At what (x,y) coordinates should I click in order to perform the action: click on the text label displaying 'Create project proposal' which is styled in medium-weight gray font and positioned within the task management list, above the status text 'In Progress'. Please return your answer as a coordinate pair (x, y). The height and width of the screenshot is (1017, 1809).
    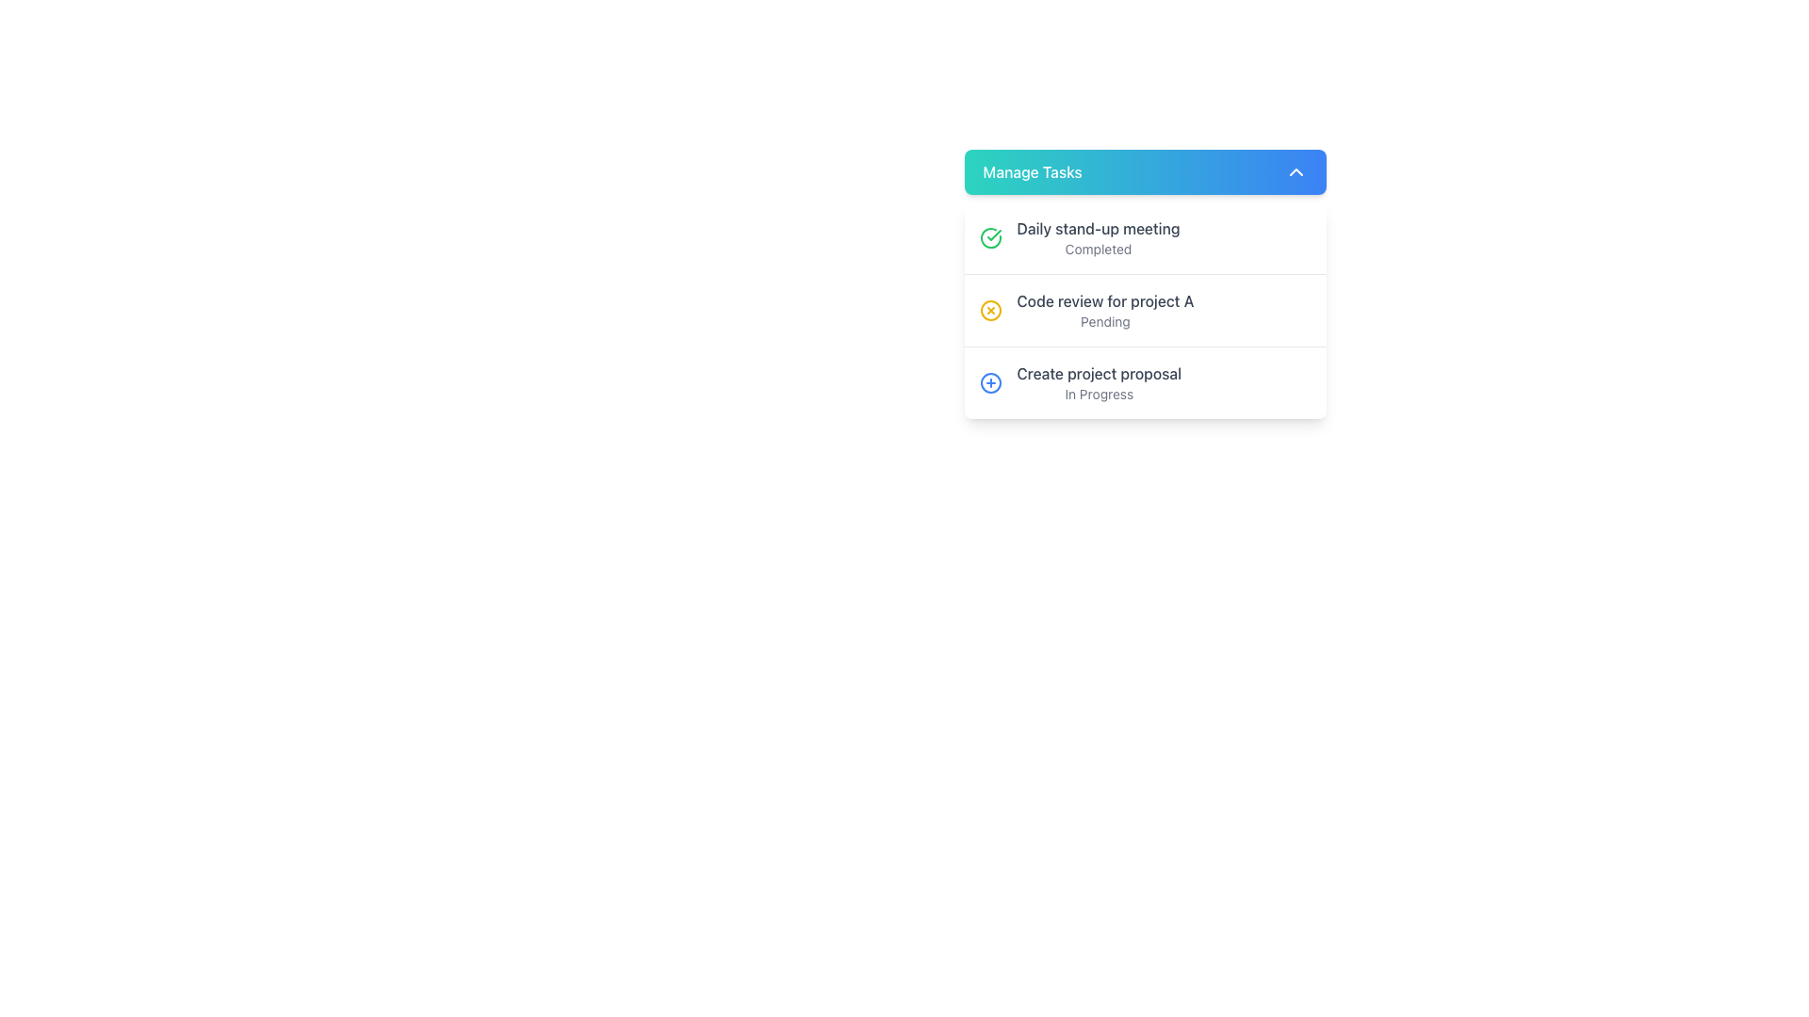
    Looking at the image, I should click on (1099, 374).